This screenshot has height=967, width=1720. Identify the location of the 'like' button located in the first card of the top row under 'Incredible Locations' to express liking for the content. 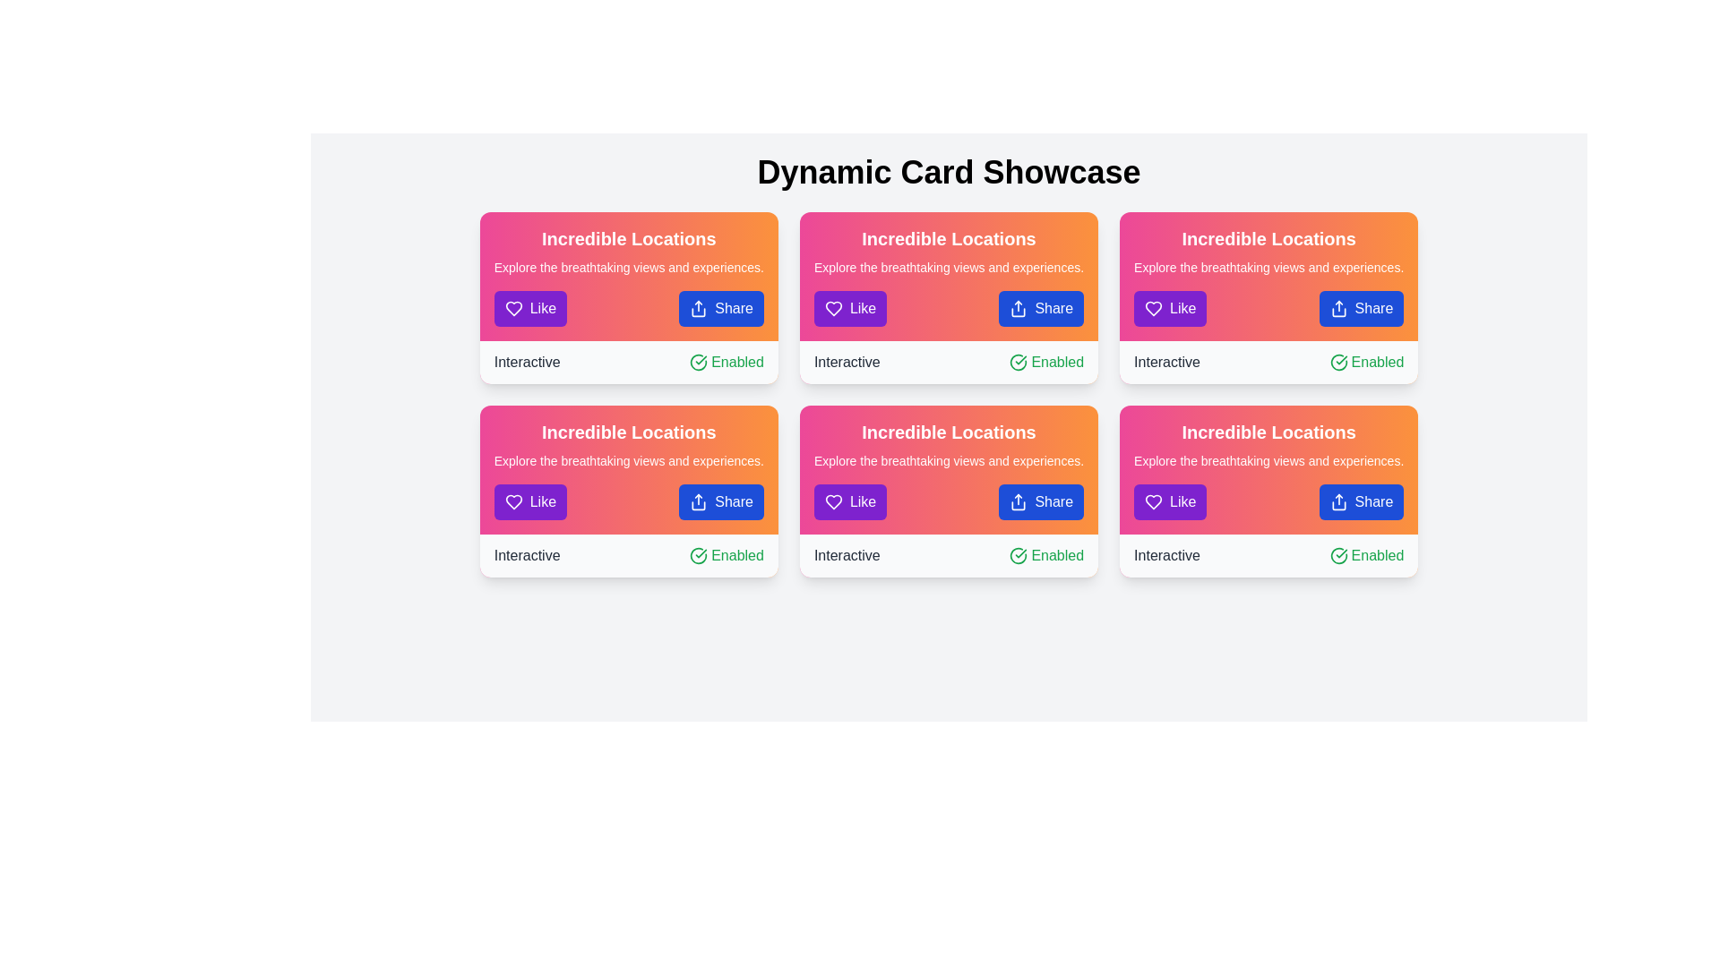
(529, 307).